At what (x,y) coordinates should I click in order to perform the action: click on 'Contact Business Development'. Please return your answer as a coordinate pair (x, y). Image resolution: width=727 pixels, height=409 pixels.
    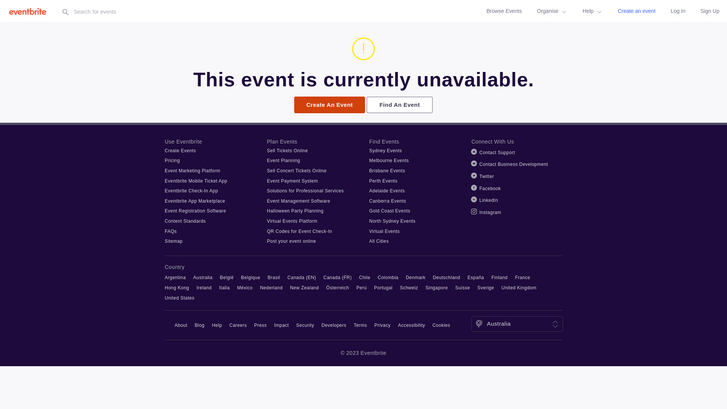
    Looking at the image, I should click on (513, 164).